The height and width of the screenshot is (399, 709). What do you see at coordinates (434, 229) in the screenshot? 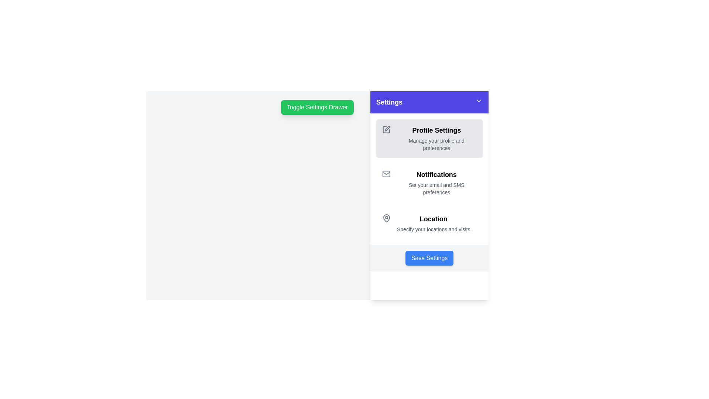
I see `the descriptive text located as the second line under the 'Location' heading in the settings menu` at bounding box center [434, 229].